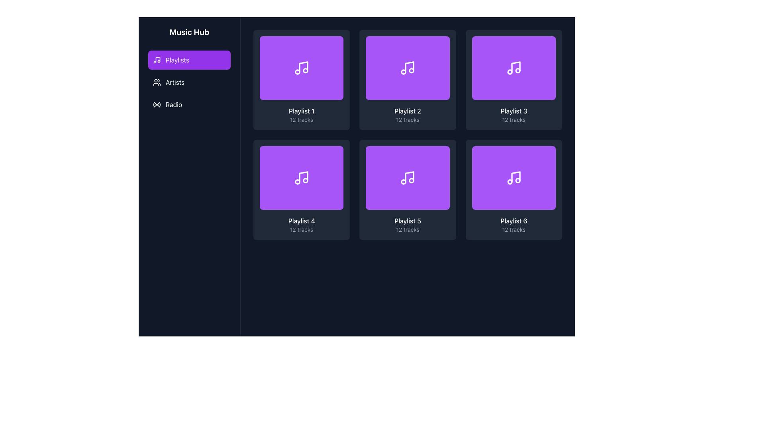 This screenshot has width=765, height=430. What do you see at coordinates (518, 70) in the screenshot?
I see `the small black circle located within the musical note icon in the 'Playlist 3' card, which is the rightmost circle in the SVG graphic` at bounding box center [518, 70].